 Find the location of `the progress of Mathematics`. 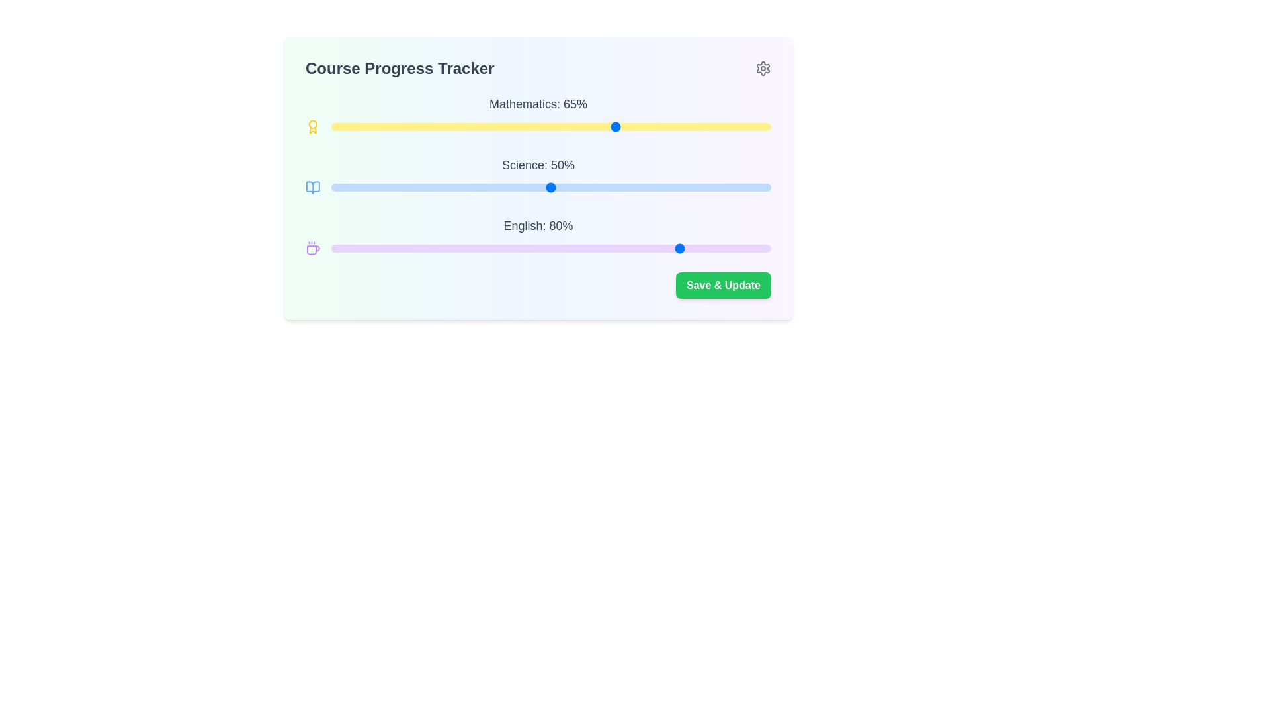

the progress of Mathematics is located at coordinates (388, 127).